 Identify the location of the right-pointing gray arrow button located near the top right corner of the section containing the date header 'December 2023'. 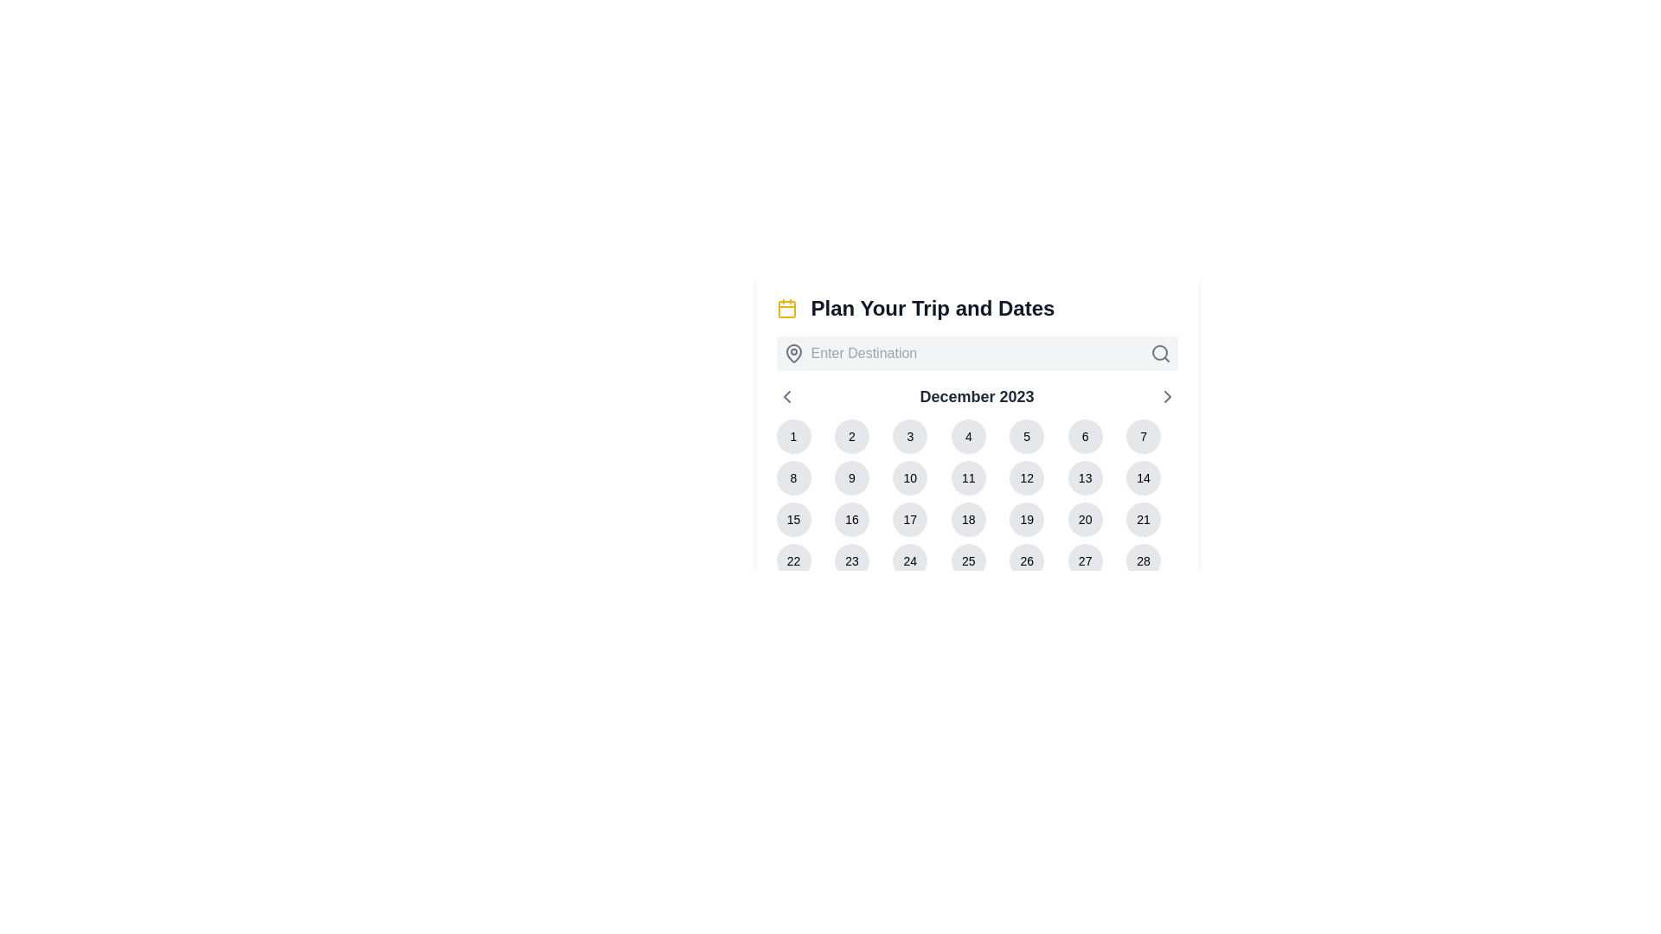
(1167, 397).